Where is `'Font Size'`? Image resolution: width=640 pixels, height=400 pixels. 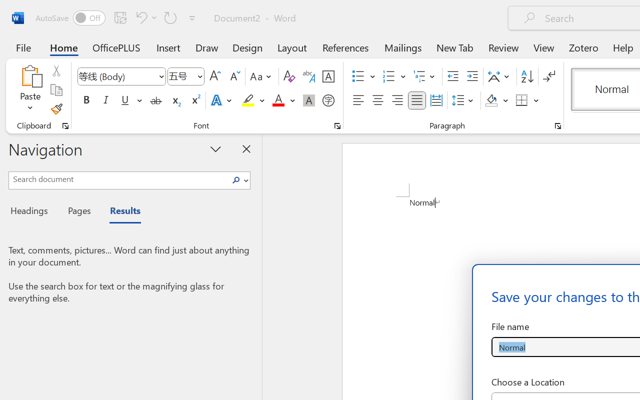 'Font Size' is located at coordinates (181, 76).